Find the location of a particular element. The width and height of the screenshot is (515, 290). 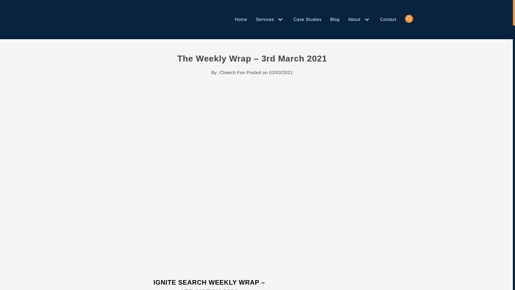

'Contact' is located at coordinates (388, 19).